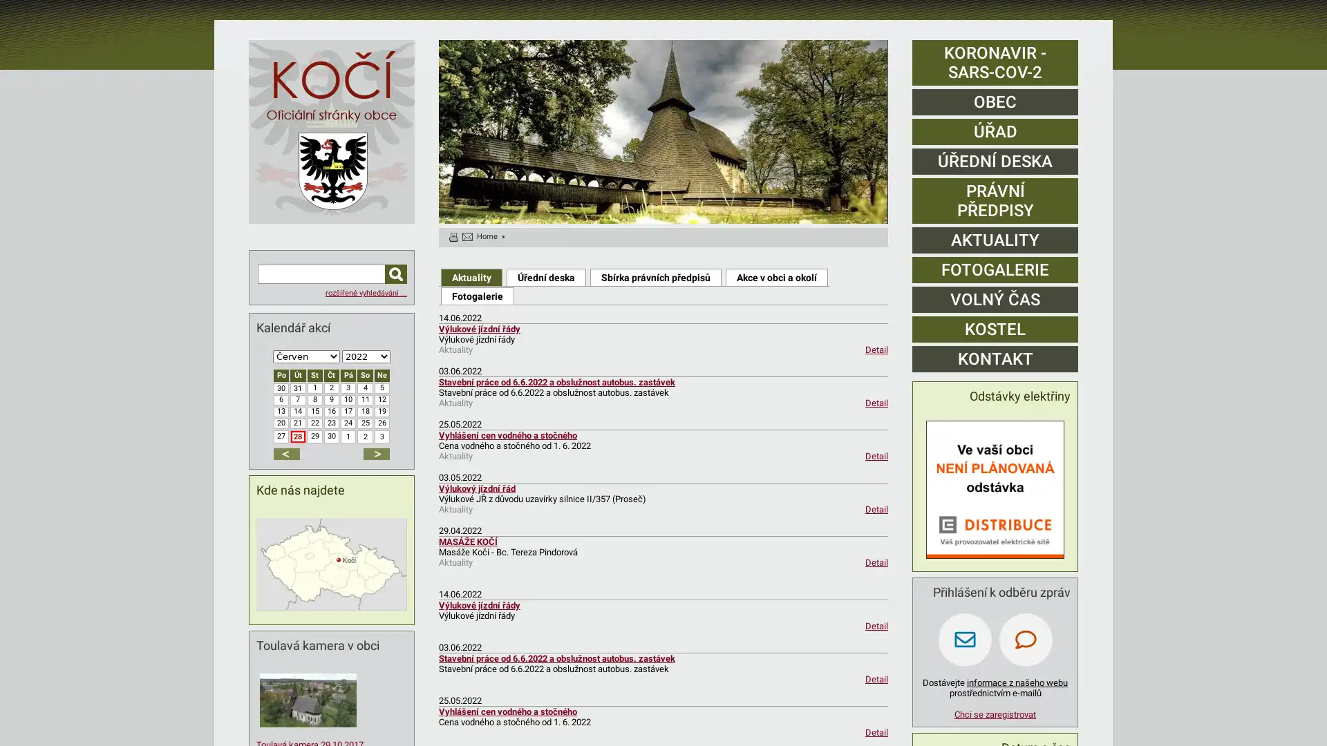  Describe the element at coordinates (377, 453) in the screenshot. I see `dalsi` at that location.